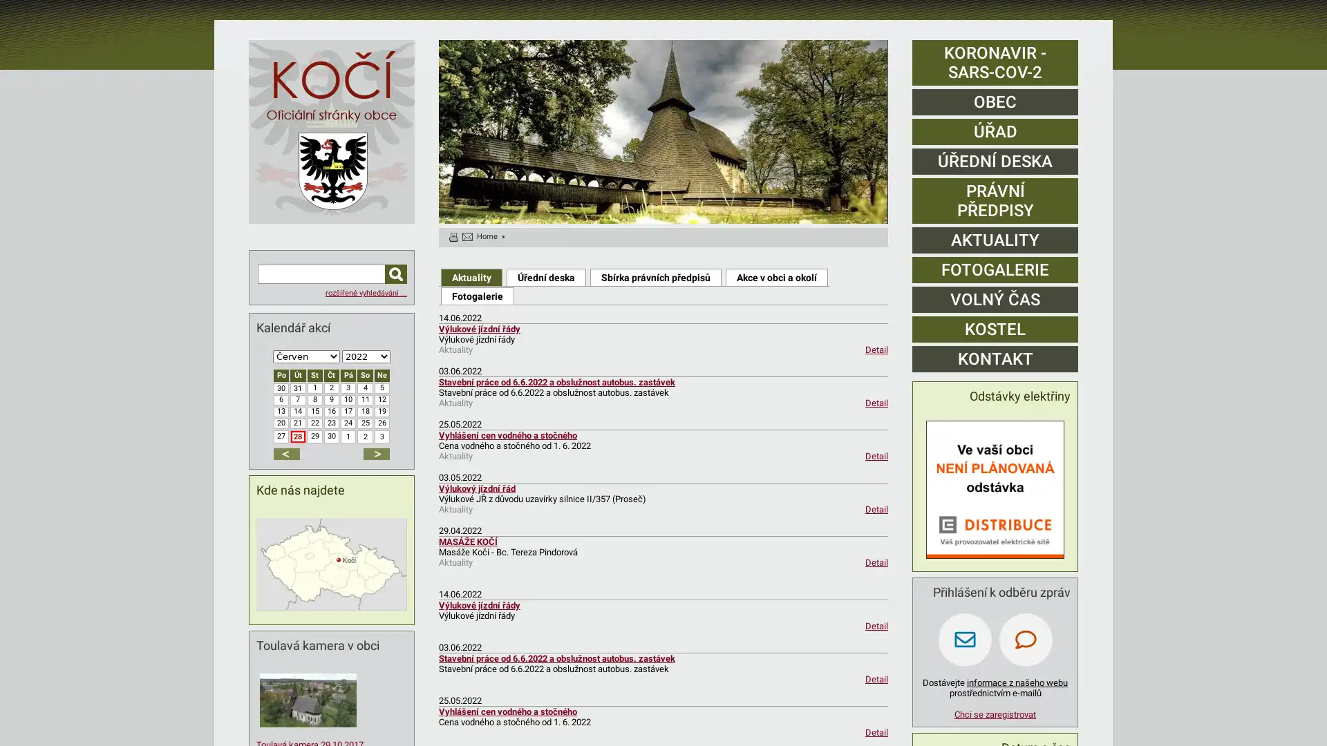  Describe the element at coordinates (377, 453) in the screenshot. I see `dalsi` at that location.